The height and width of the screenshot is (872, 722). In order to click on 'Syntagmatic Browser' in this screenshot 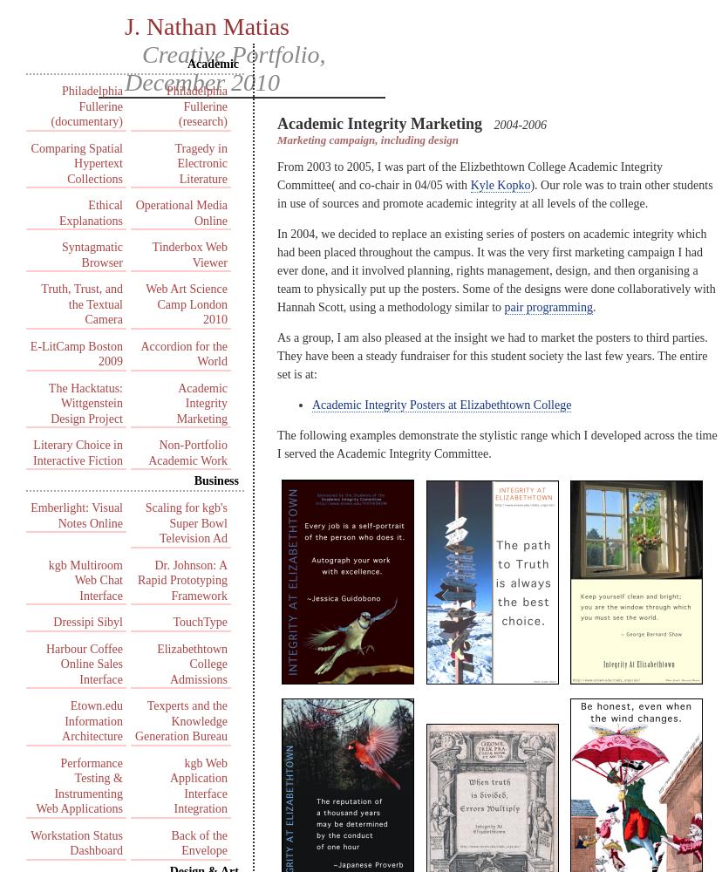, I will do `click(91, 255)`.